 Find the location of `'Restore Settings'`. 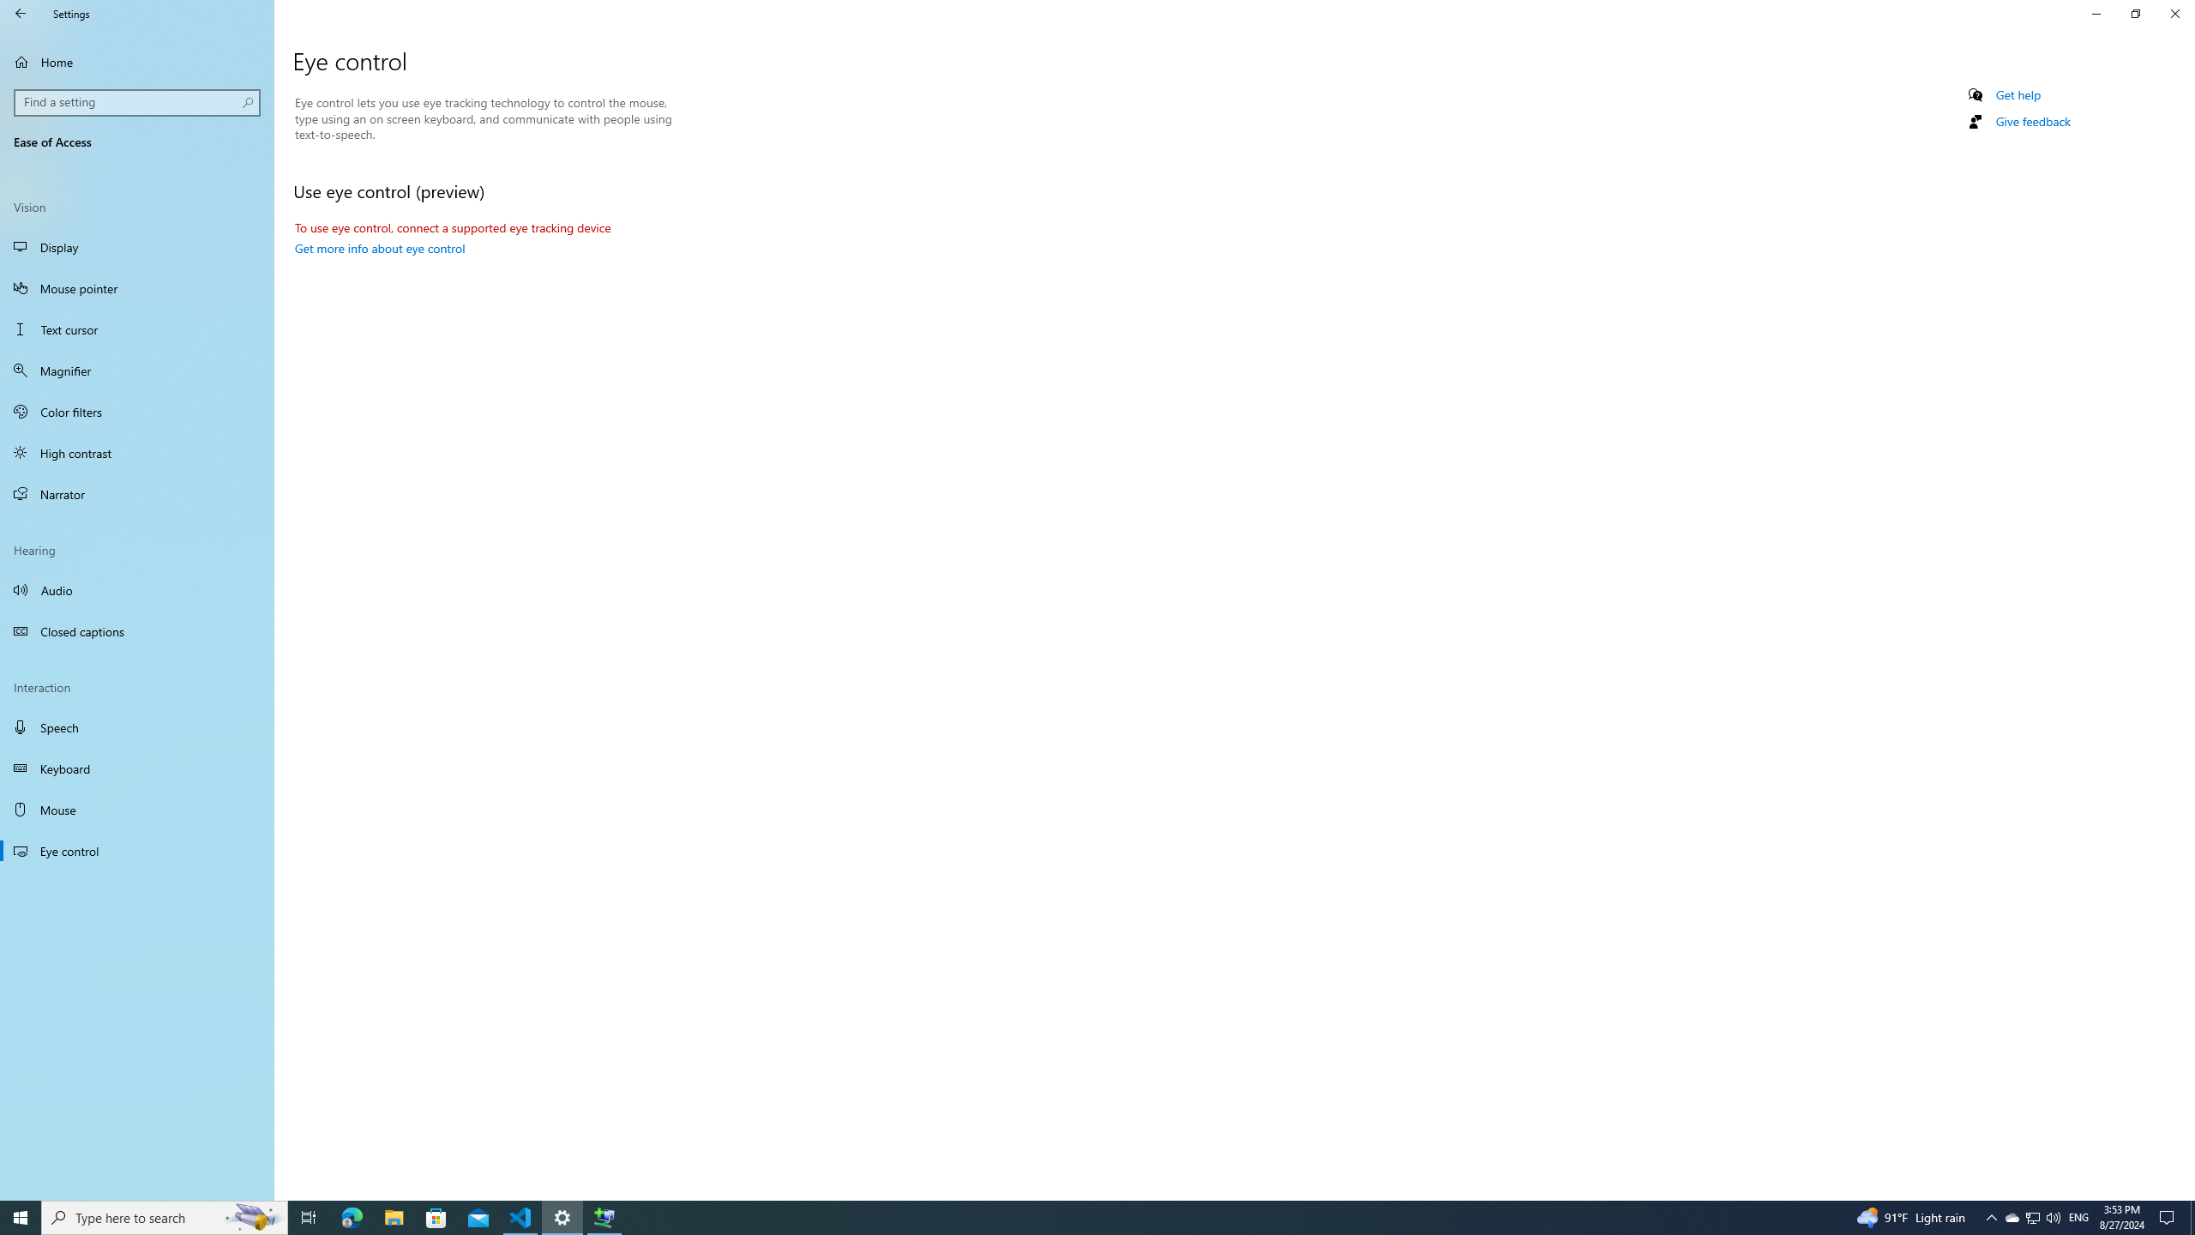

'Restore Settings' is located at coordinates (2135, 13).